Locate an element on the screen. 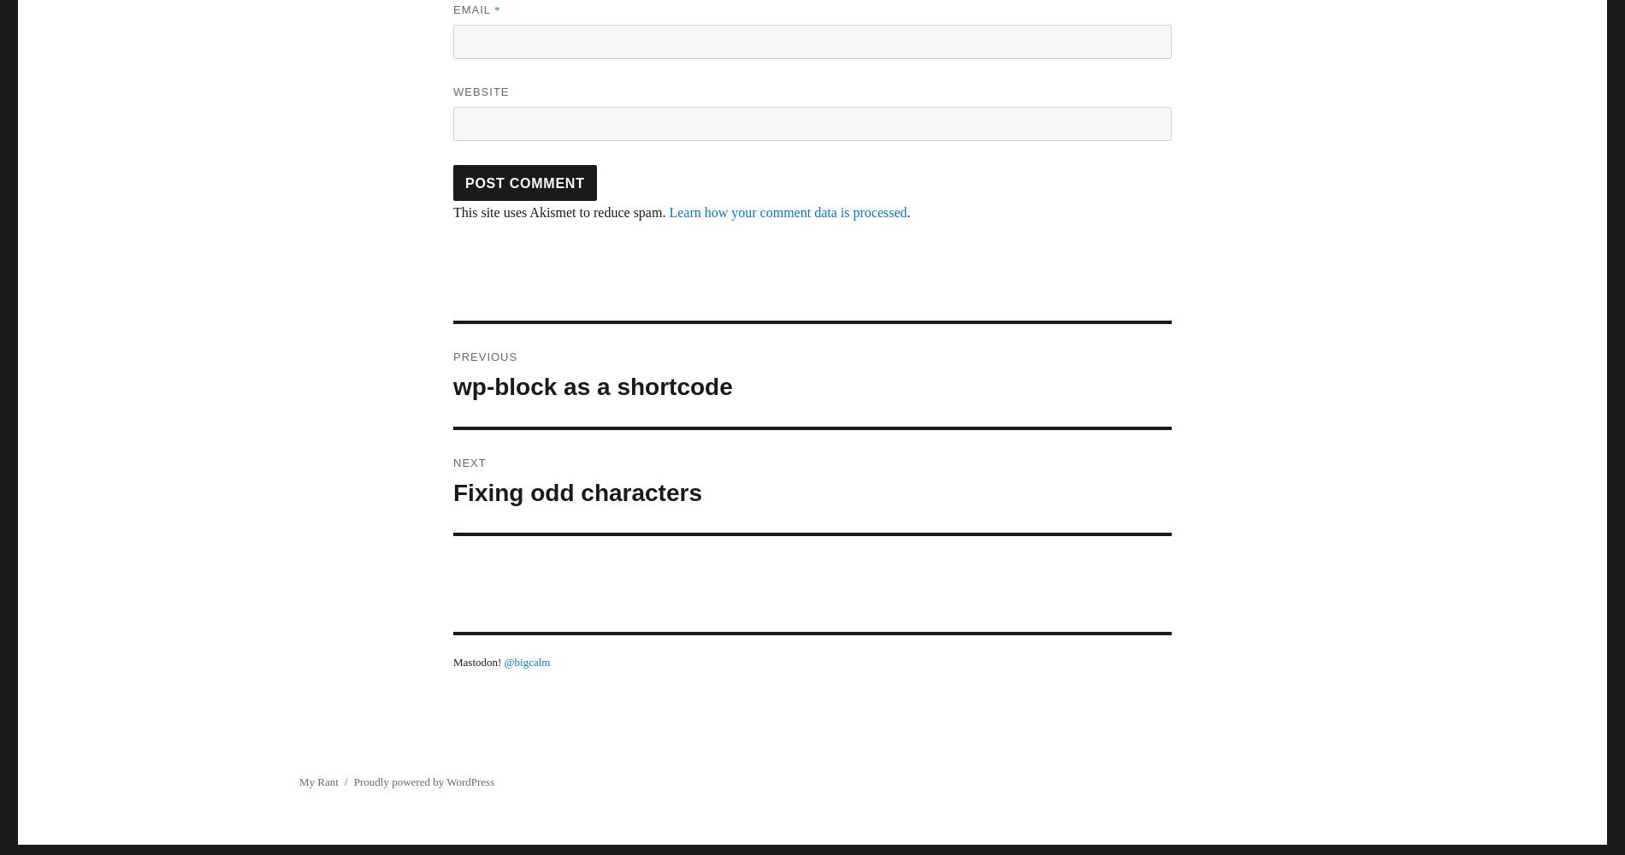 This screenshot has width=1625, height=855. 'Learn how your comment data is processed' is located at coordinates (668, 211).